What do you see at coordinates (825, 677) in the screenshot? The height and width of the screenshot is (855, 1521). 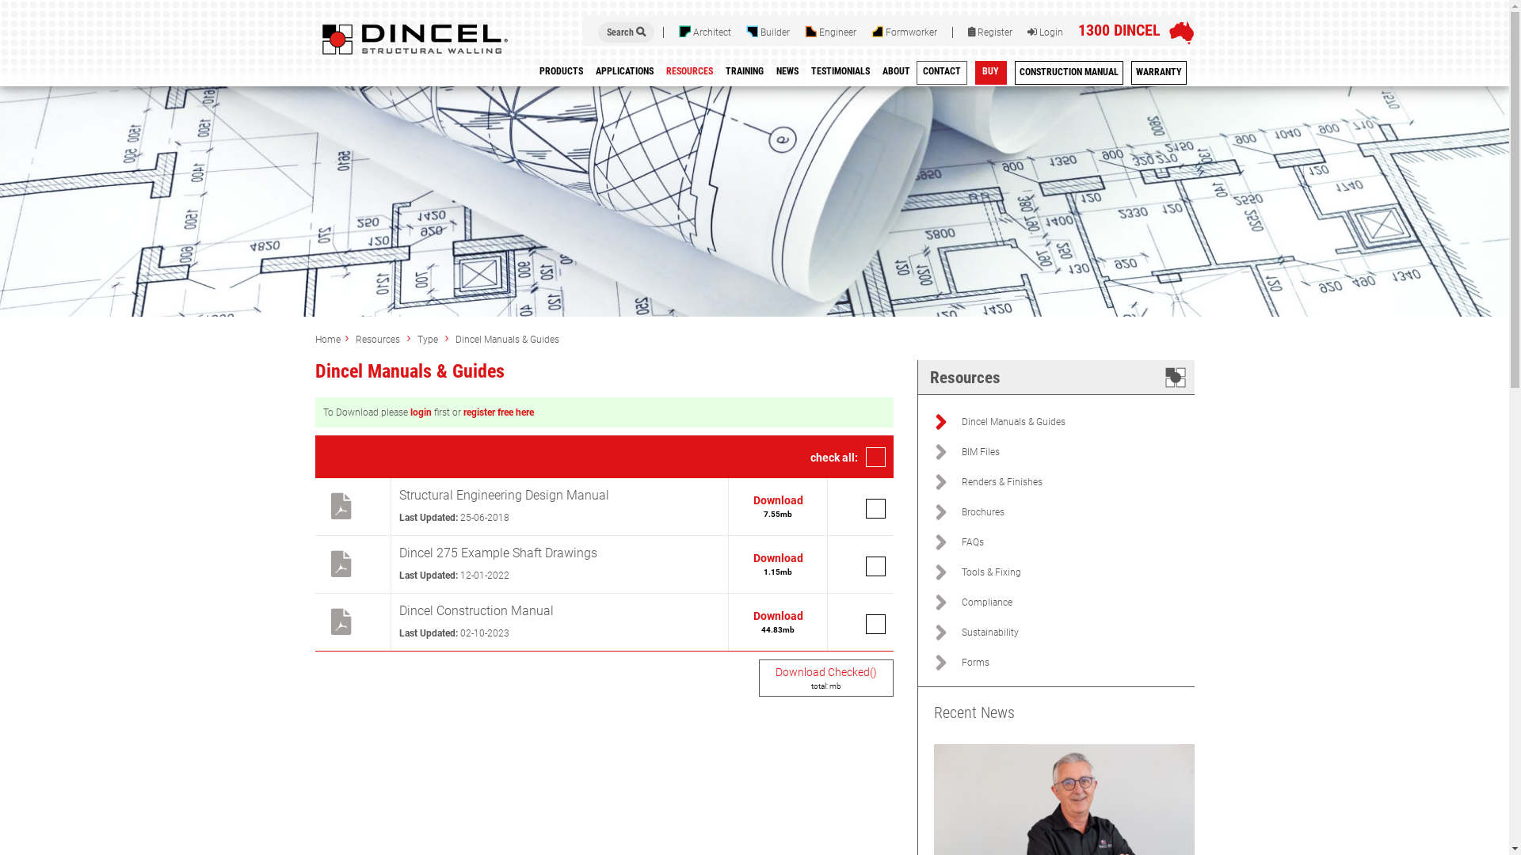 I see `'Download Checked()` at bounding box center [825, 677].